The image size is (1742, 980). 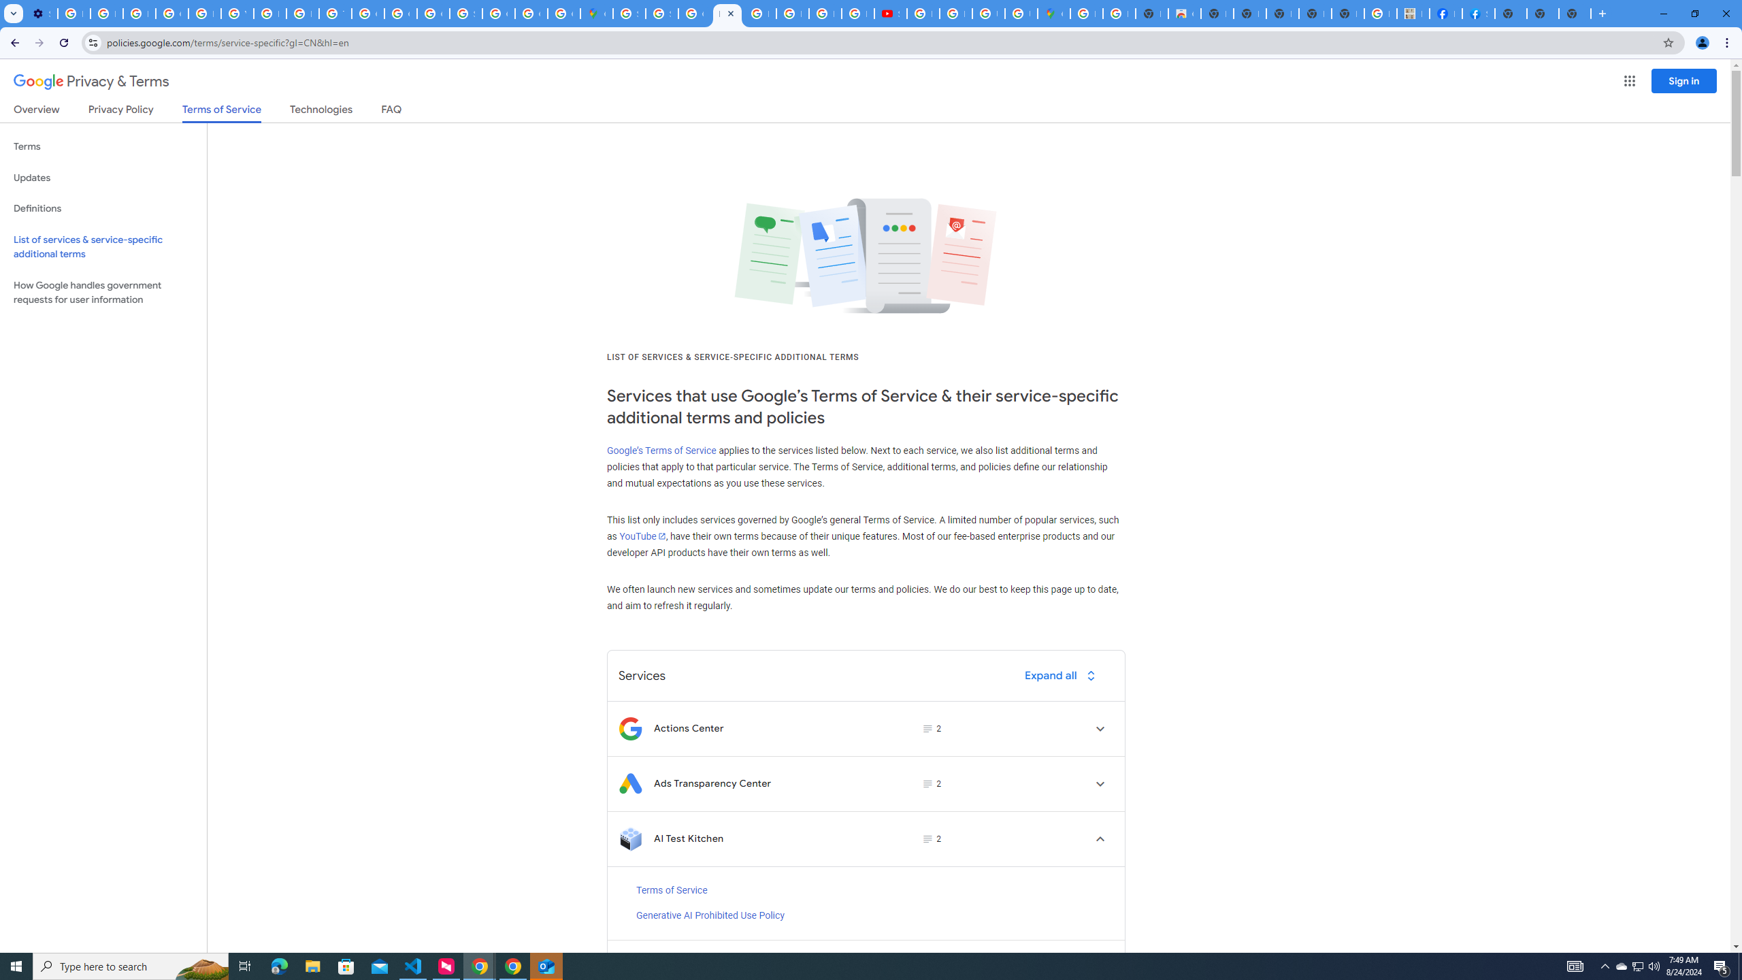 What do you see at coordinates (629, 728) in the screenshot?
I see `'Logo for Actions Center'` at bounding box center [629, 728].